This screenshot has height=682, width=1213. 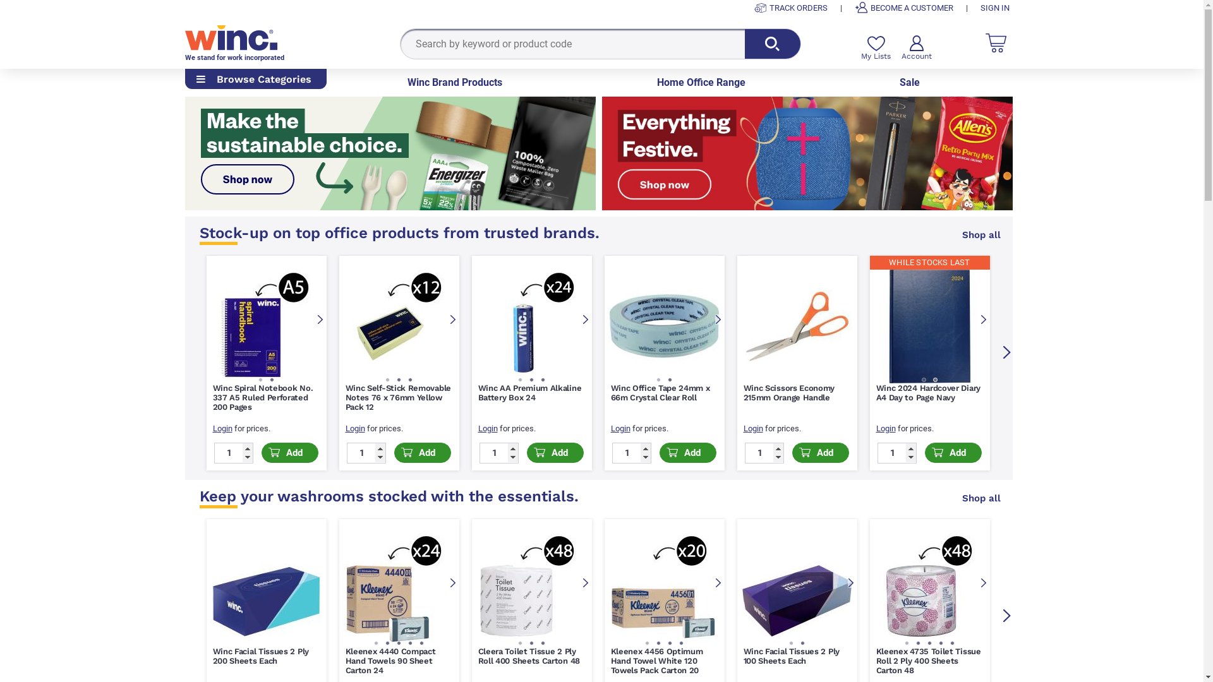 I want to click on 'Cart', so click(x=985, y=42).